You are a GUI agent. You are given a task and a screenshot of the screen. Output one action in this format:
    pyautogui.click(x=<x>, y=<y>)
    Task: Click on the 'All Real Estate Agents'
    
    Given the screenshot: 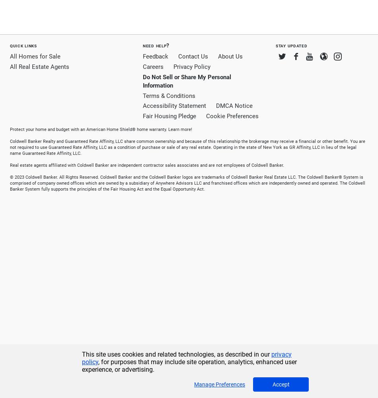 What is the action you would take?
    pyautogui.click(x=39, y=67)
    